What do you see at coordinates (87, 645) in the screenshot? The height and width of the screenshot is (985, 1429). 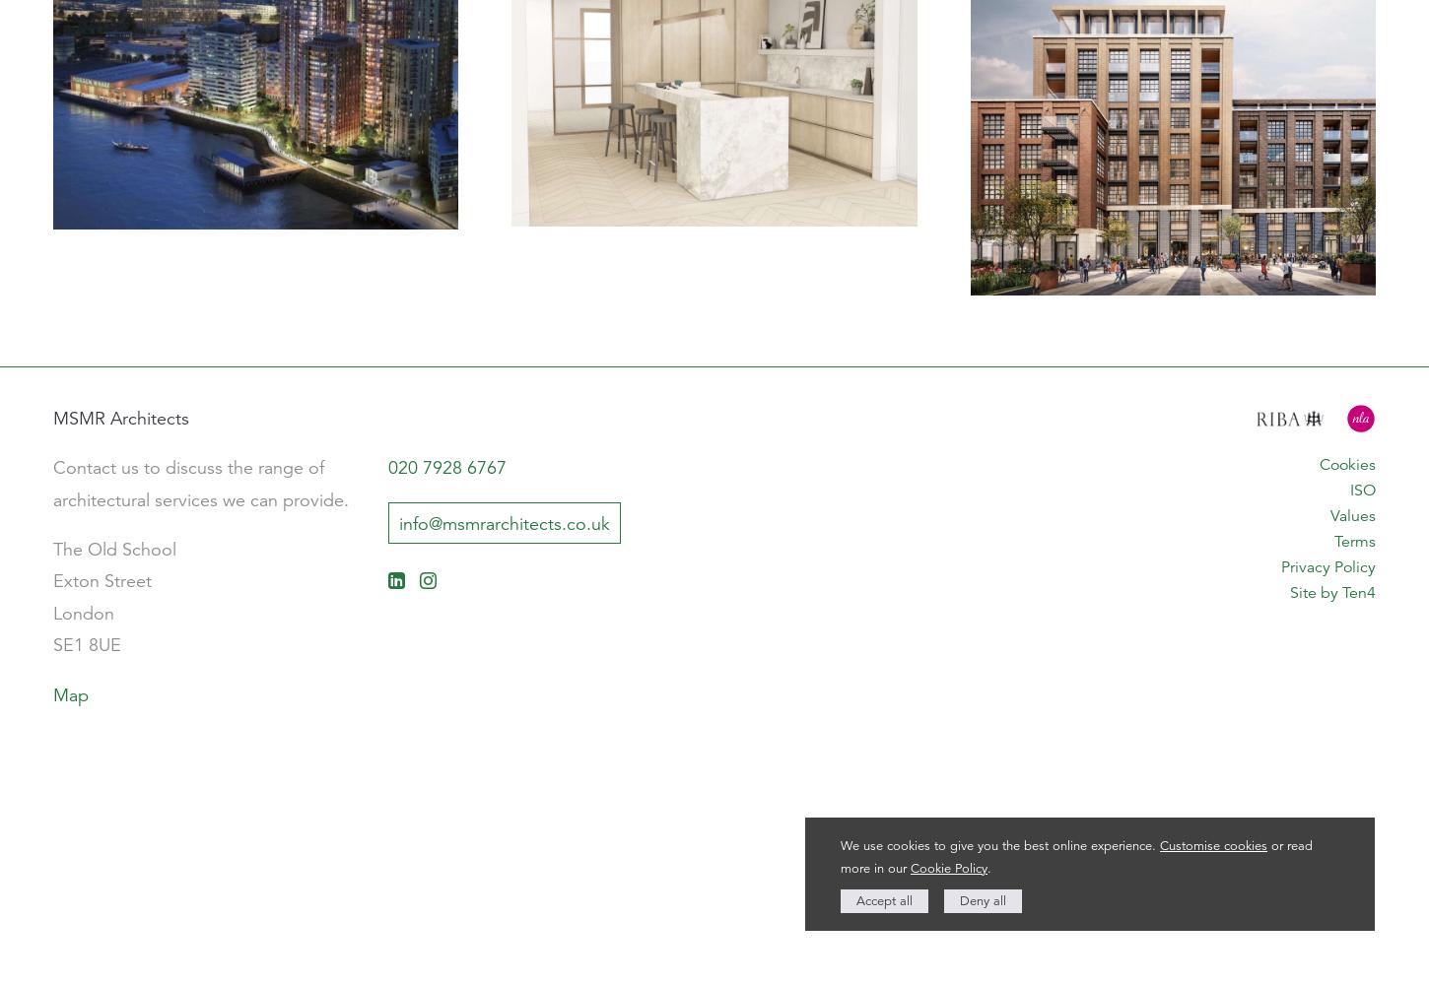 I see `'SE1 8UE'` at bounding box center [87, 645].